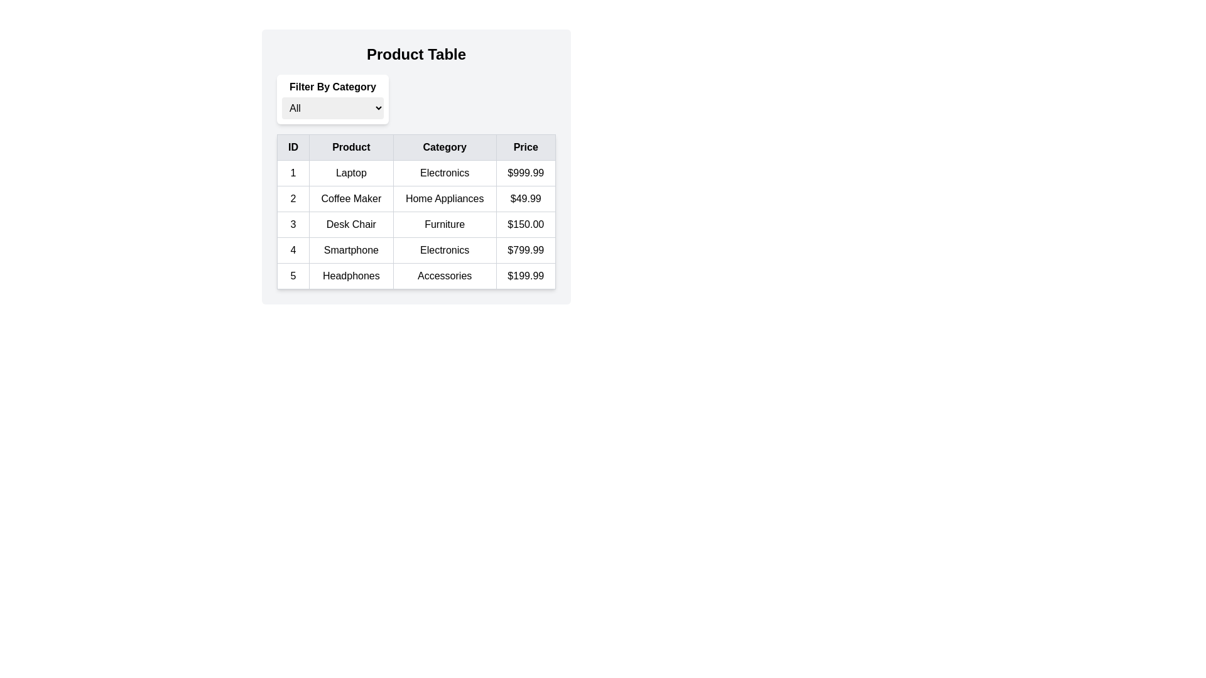 Image resolution: width=1206 pixels, height=678 pixels. Describe the element at coordinates (416, 224) in the screenshot. I see `the third row of the product table, which contains the ID '3', Product 'Desk Chair', Category 'Furniture', and Price '$150.00', to interact with its individual cells` at that location.